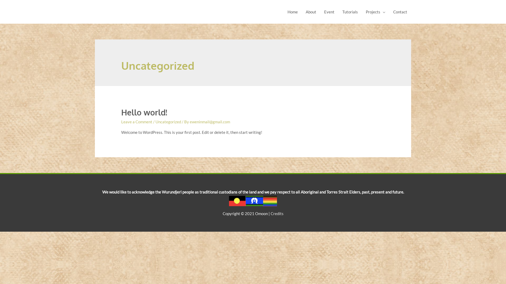 This screenshot has width=506, height=284. What do you see at coordinates (168, 121) in the screenshot?
I see `'Uncategorized'` at bounding box center [168, 121].